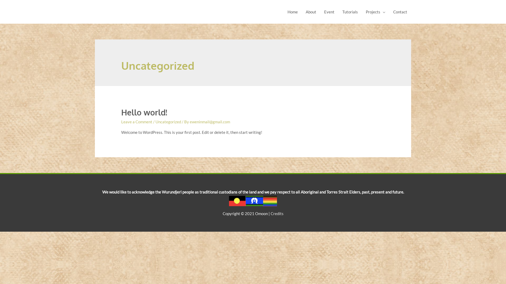 This screenshot has width=506, height=284. What do you see at coordinates (168, 121) in the screenshot?
I see `'Uncategorized'` at bounding box center [168, 121].